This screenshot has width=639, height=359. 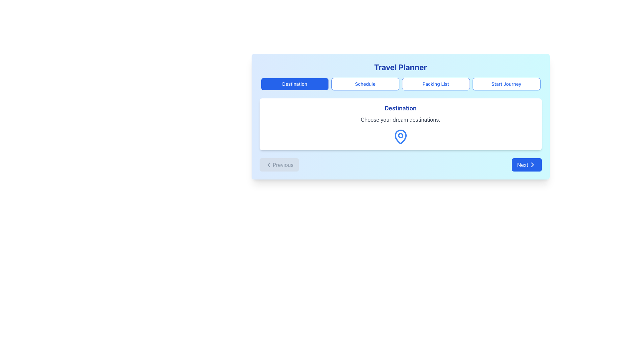 What do you see at coordinates (400, 137) in the screenshot?
I see `the map-pin-shaped icon with a blue outline and transparent center, which represents a location marker, located below the 'Destination' section in the main content area` at bounding box center [400, 137].